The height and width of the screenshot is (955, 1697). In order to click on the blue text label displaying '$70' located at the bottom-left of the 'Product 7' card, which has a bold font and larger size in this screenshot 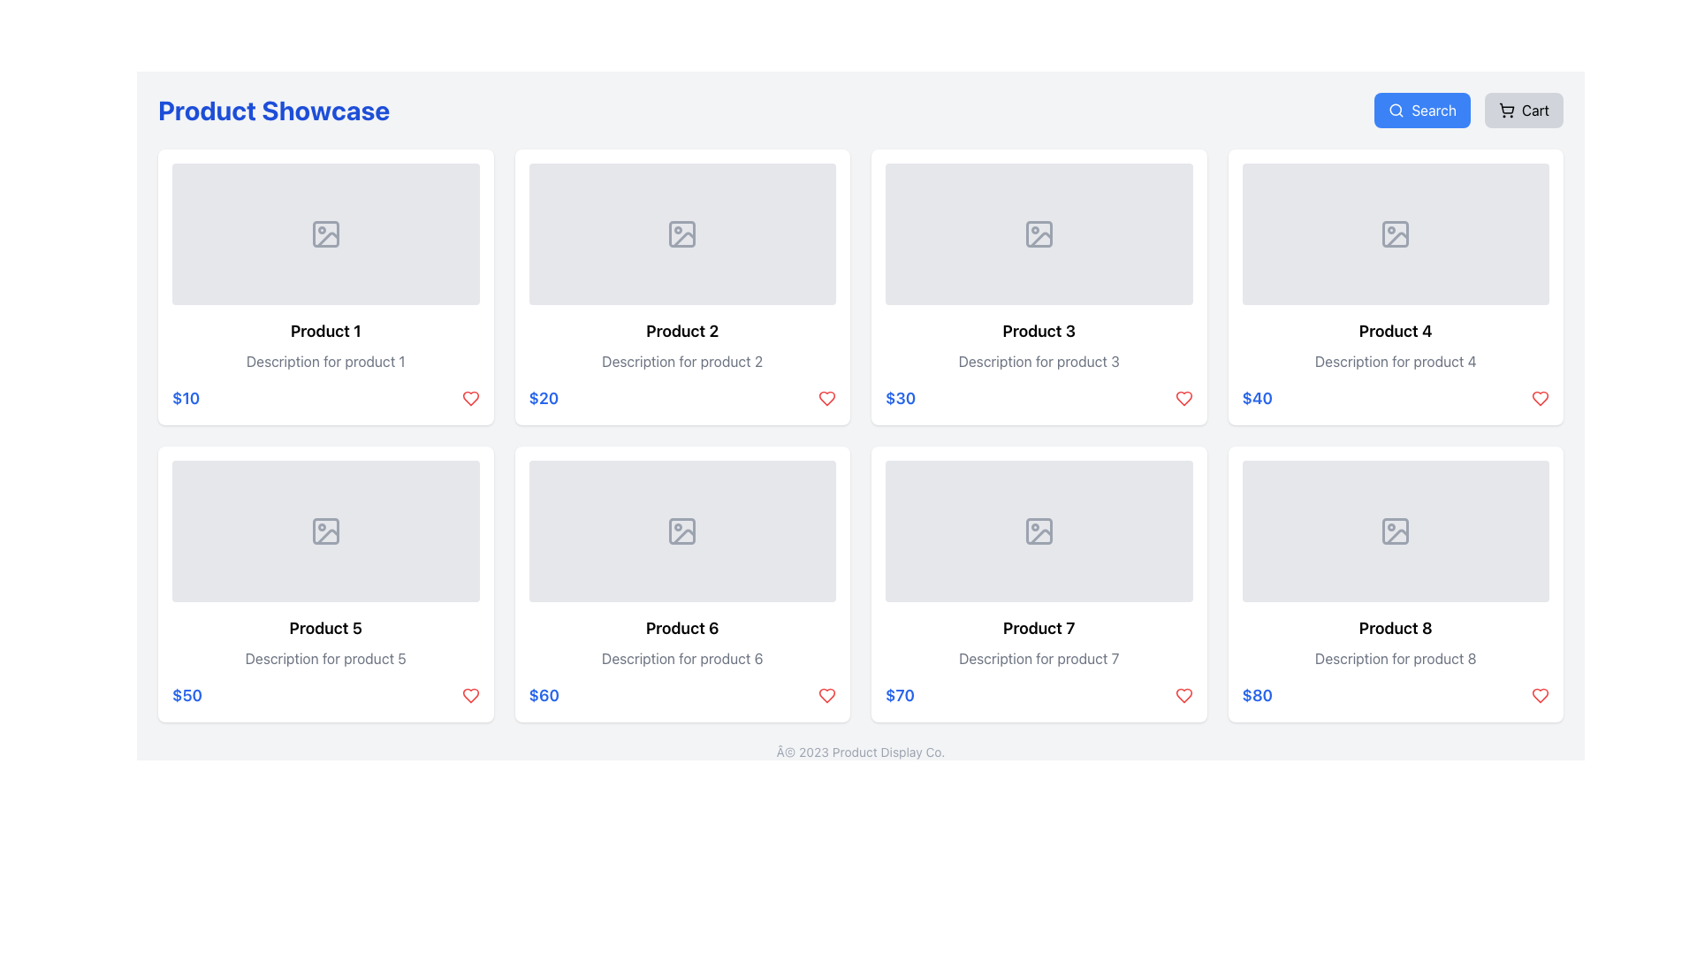, I will do `click(900, 694)`.